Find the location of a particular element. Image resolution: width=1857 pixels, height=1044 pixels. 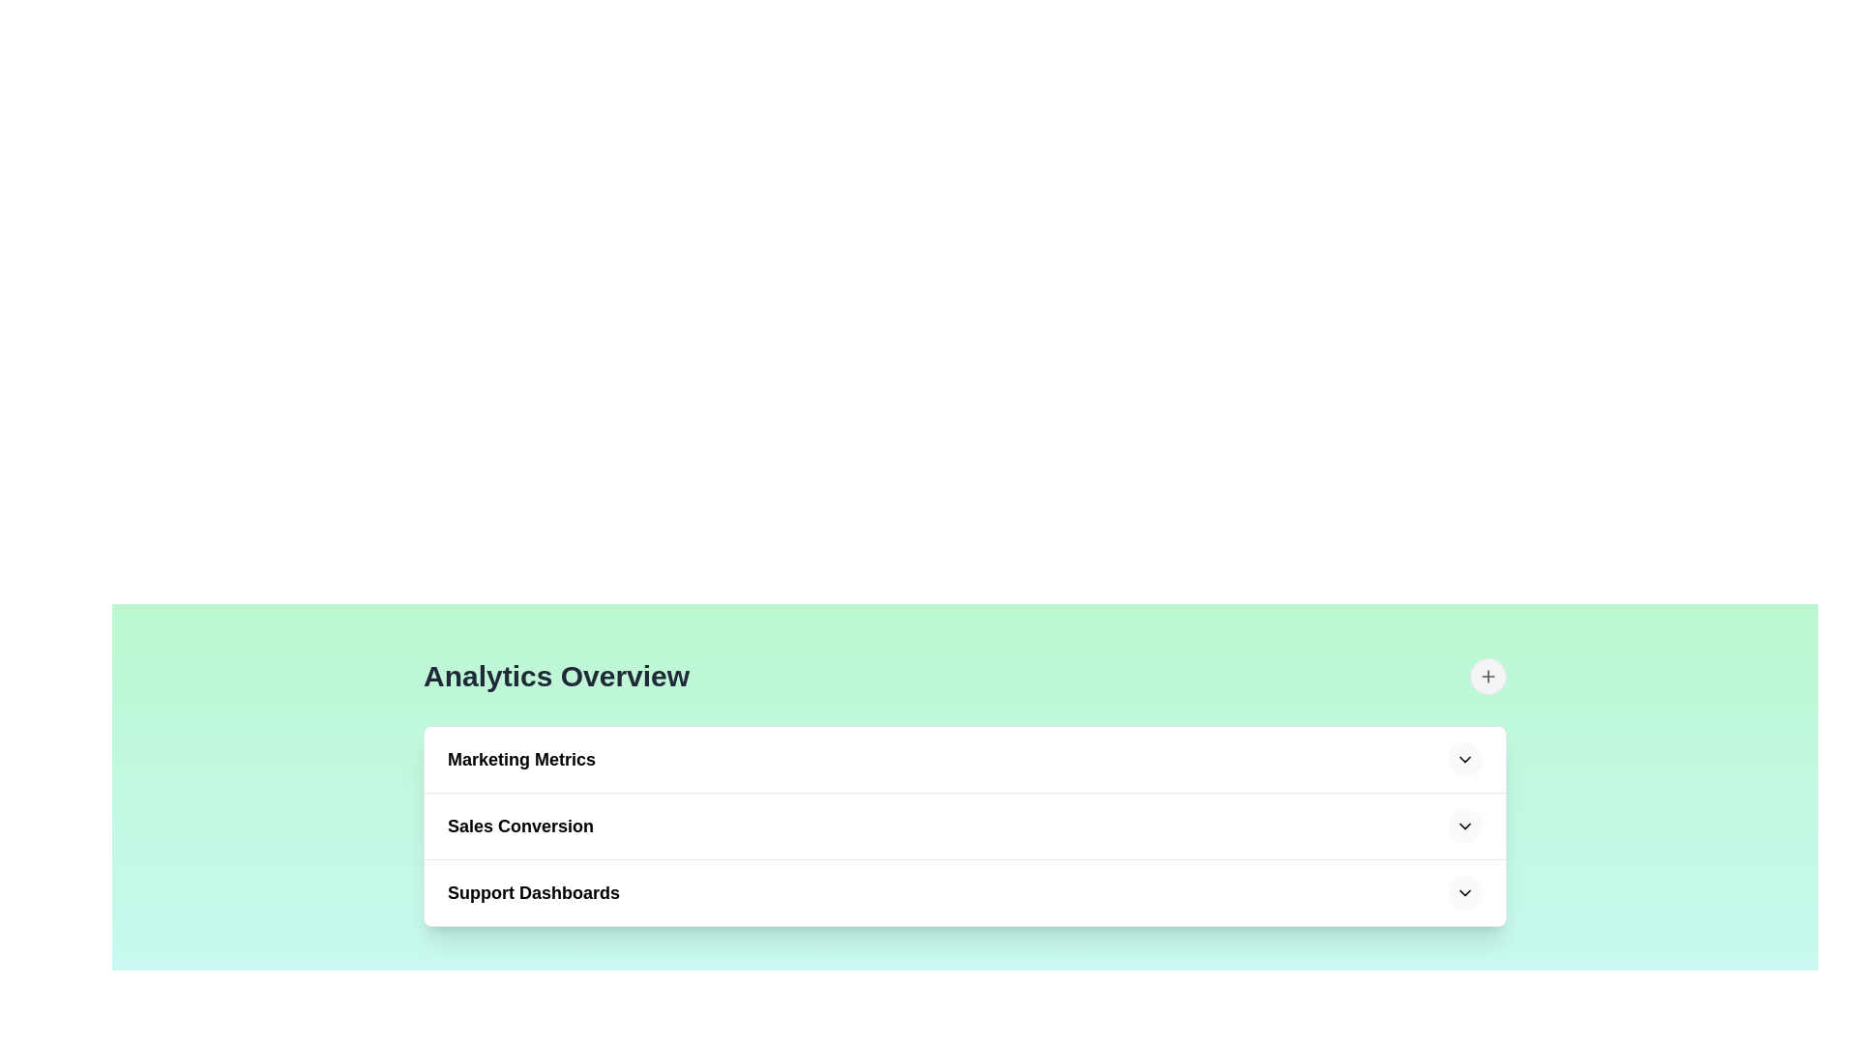

the text label that reads 'Sales Conversion', which is the second item in a vertical list between 'Marketing Metrics' and 'Support Dashboards' is located at coordinates (520, 826).